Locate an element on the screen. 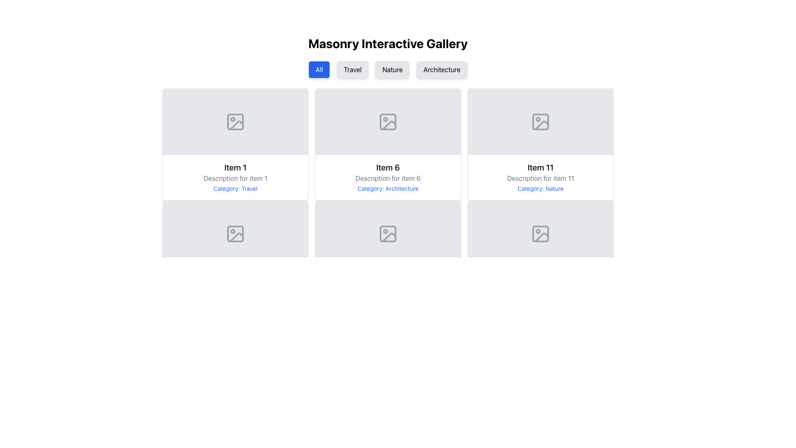  the placeholder icon in the third column of the second row of the masonry gallery layout, labeled 'Item 11' is located at coordinates (541, 234).